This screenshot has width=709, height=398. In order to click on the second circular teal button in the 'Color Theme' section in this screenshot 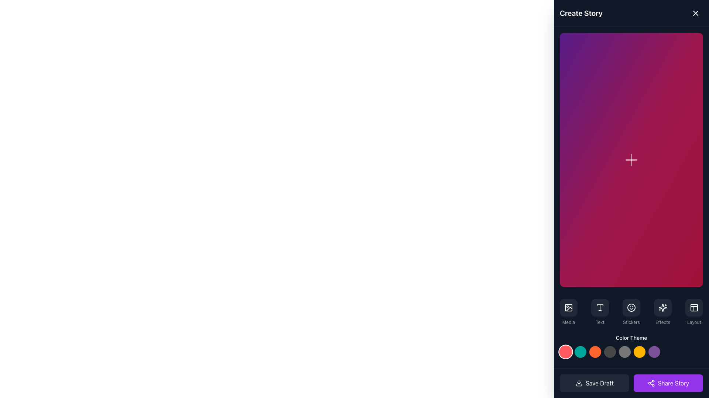, I will do `click(580, 351)`.